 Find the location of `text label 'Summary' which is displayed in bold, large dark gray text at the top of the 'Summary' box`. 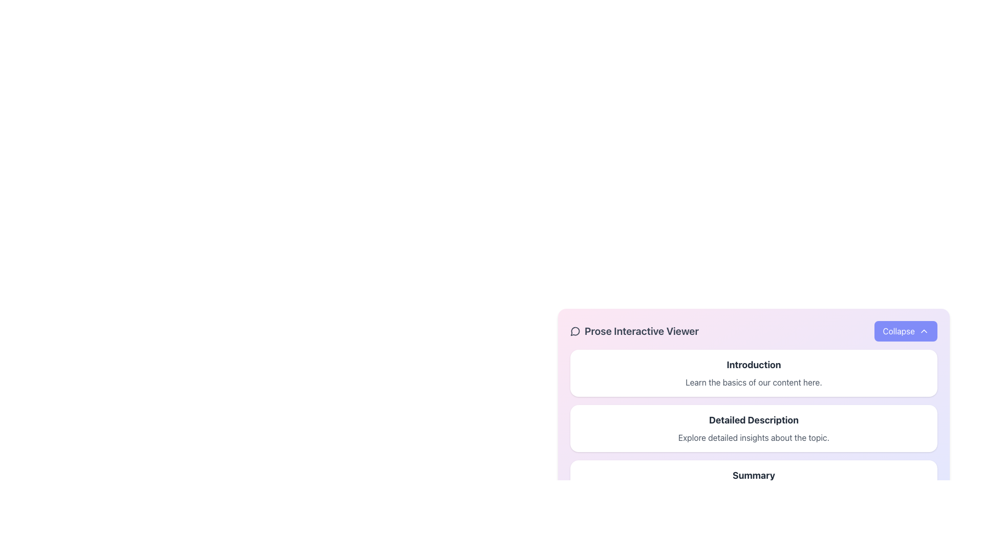

text label 'Summary' which is displayed in bold, large dark gray text at the top of the 'Summary' box is located at coordinates (754, 476).